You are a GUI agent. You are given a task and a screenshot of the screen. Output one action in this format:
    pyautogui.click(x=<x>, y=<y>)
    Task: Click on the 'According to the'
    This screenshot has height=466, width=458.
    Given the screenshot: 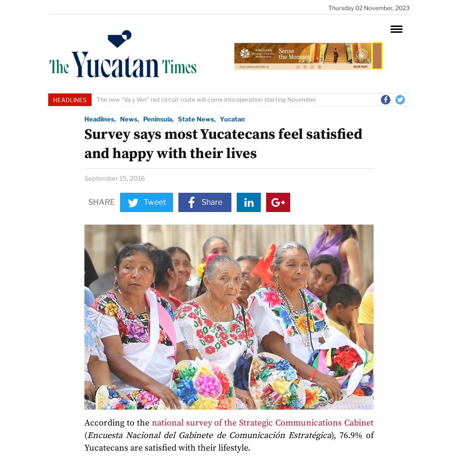 What is the action you would take?
    pyautogui.click(x=117, y=422)
    